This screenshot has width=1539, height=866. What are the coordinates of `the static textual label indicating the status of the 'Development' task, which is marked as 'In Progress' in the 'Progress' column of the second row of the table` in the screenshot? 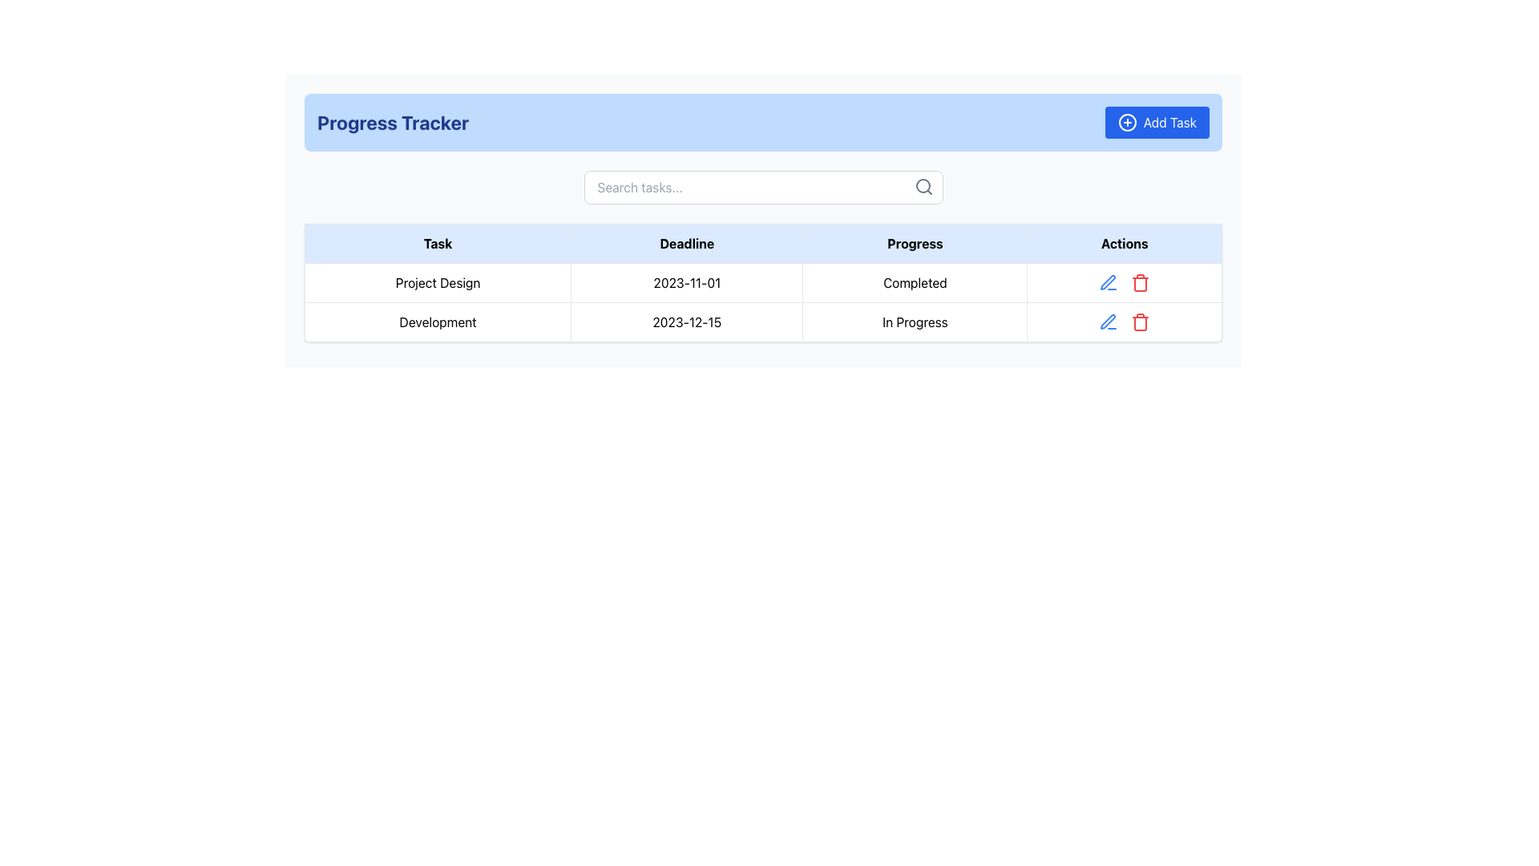 It's located at (915, 322).